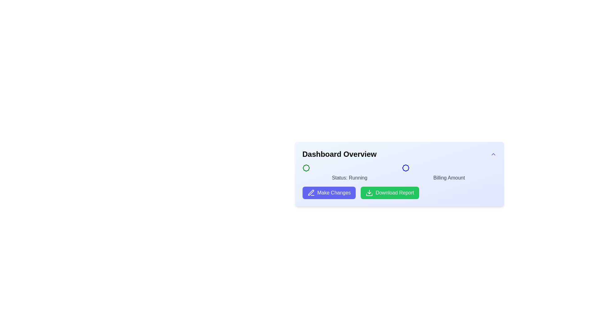  Describe the element at coordinates (449, 178) in the screenshot. I see `the 'Billing Amount' text label, which serves as a descriptor for the associated billing value of '$1200.50', located in the Dashboard Overview interface` at that location.